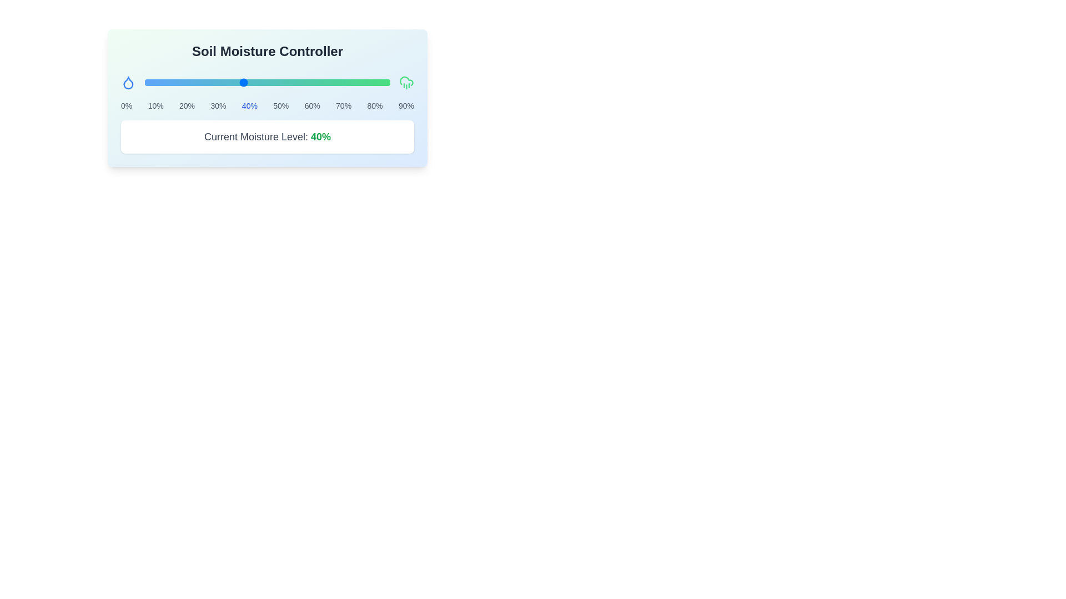 Image resolution: width=1066 pixels, height=599 pixels. I want to click on the slider to set the moisture level to 52%, so click(272, 82).